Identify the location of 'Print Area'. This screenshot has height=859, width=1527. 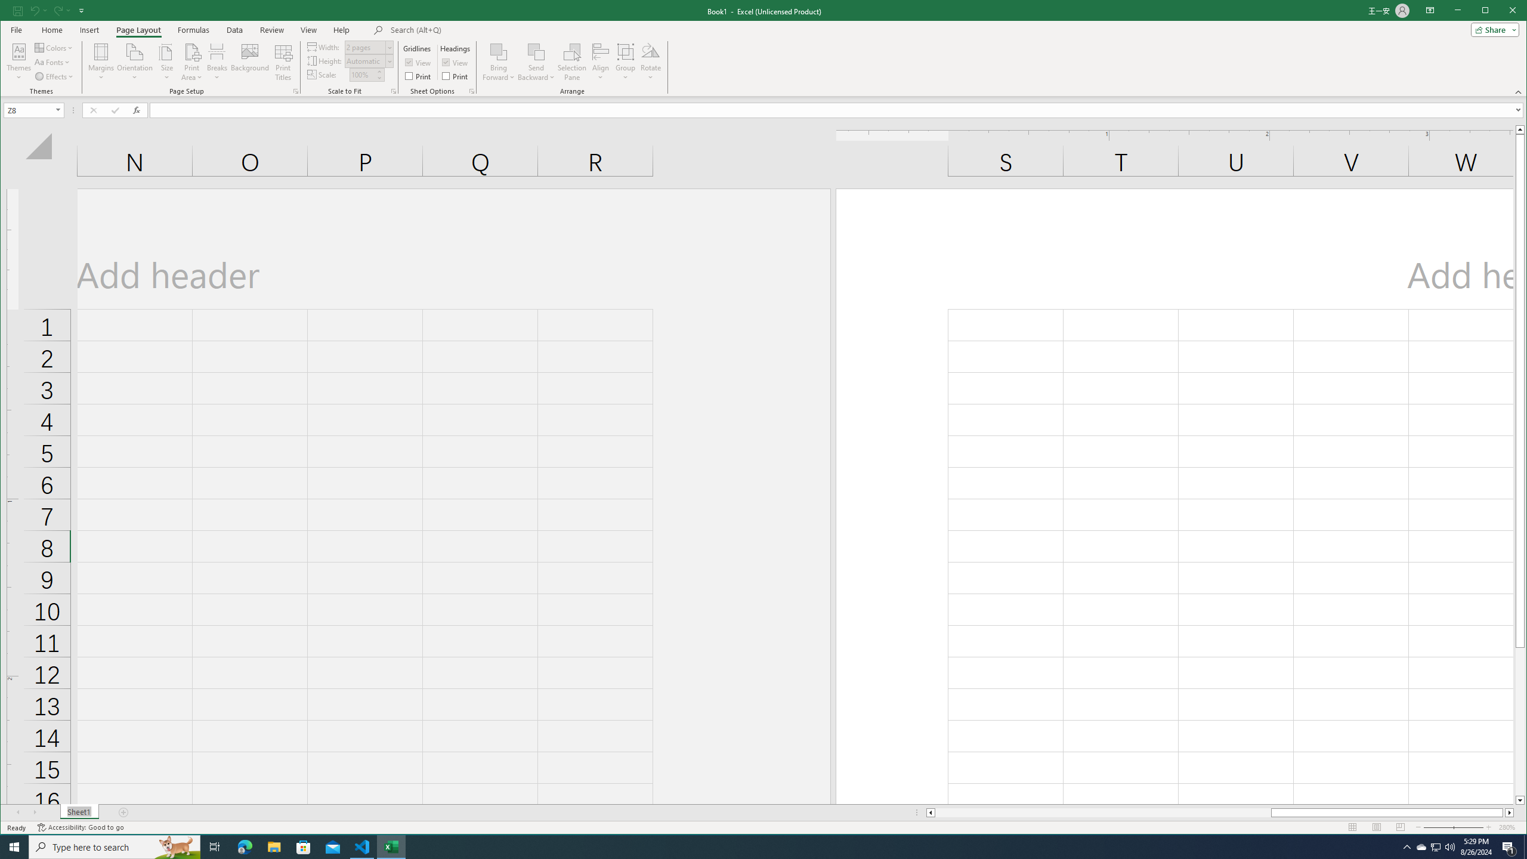
(192, 61).